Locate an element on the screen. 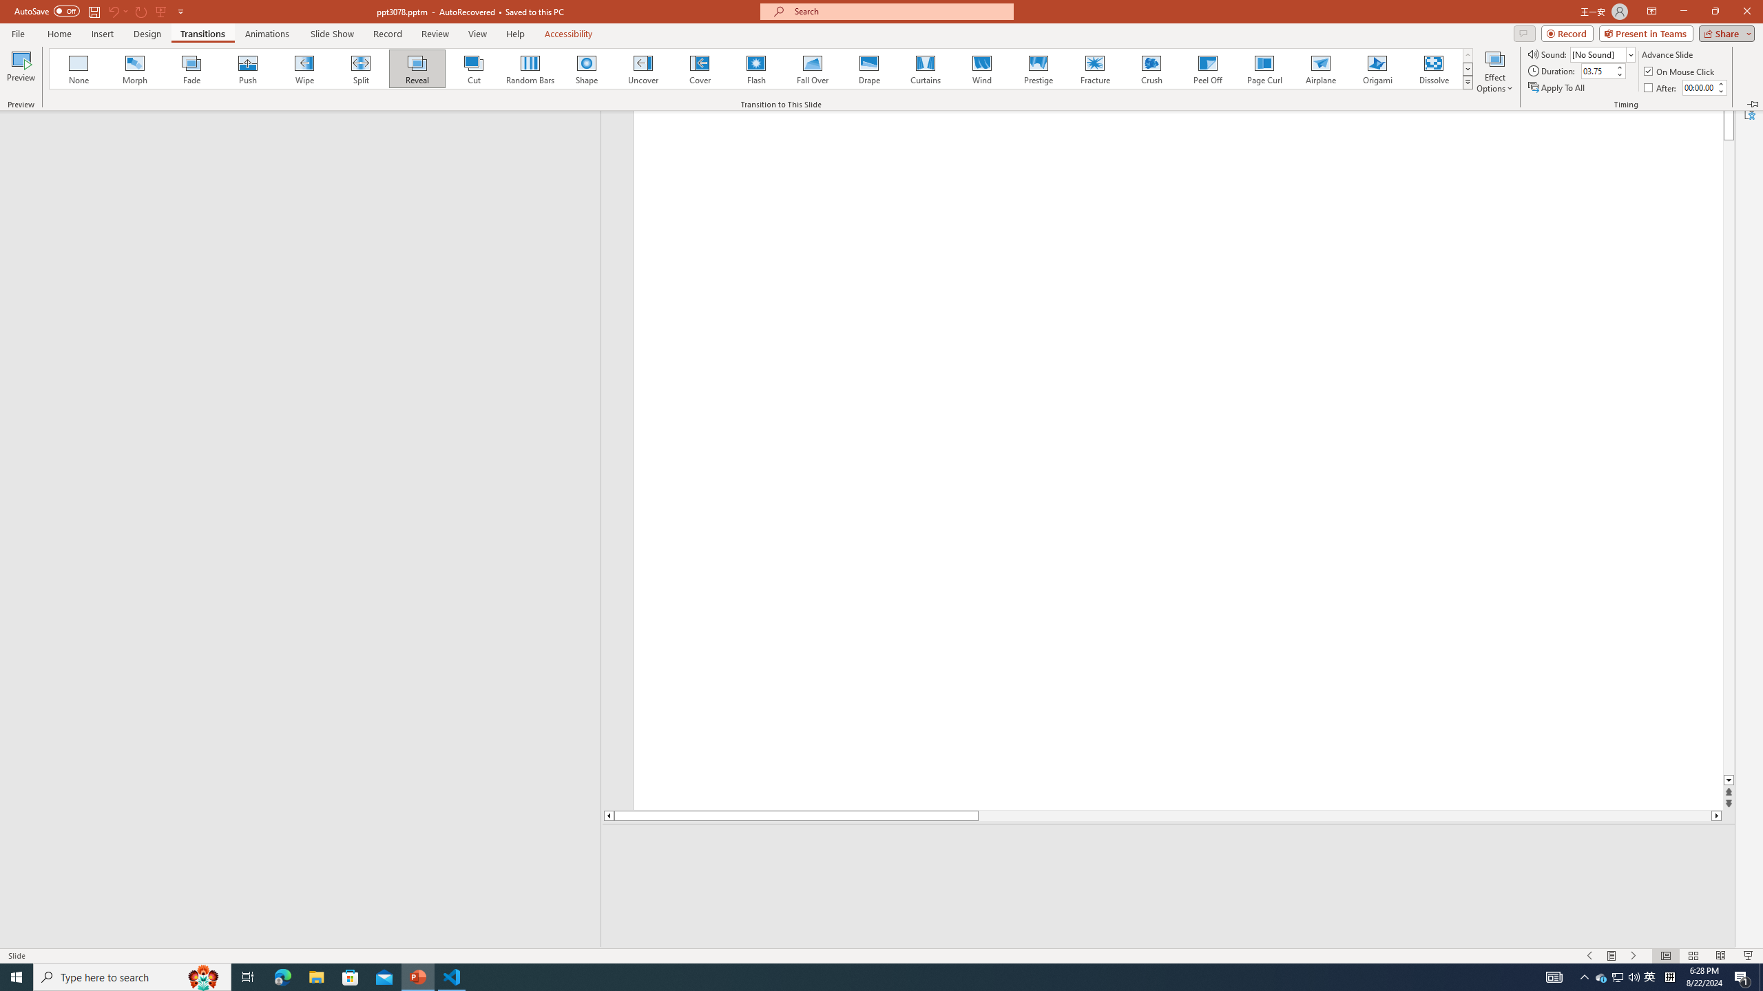 This screenshot has width=1763, height=991. 'Action Center, 1 new notification' is located at coordinates (1742, 976).